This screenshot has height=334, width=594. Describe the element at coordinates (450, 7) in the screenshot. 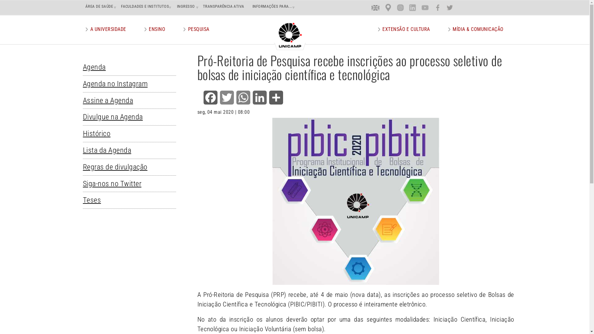

I see `'Twit'` at that location.